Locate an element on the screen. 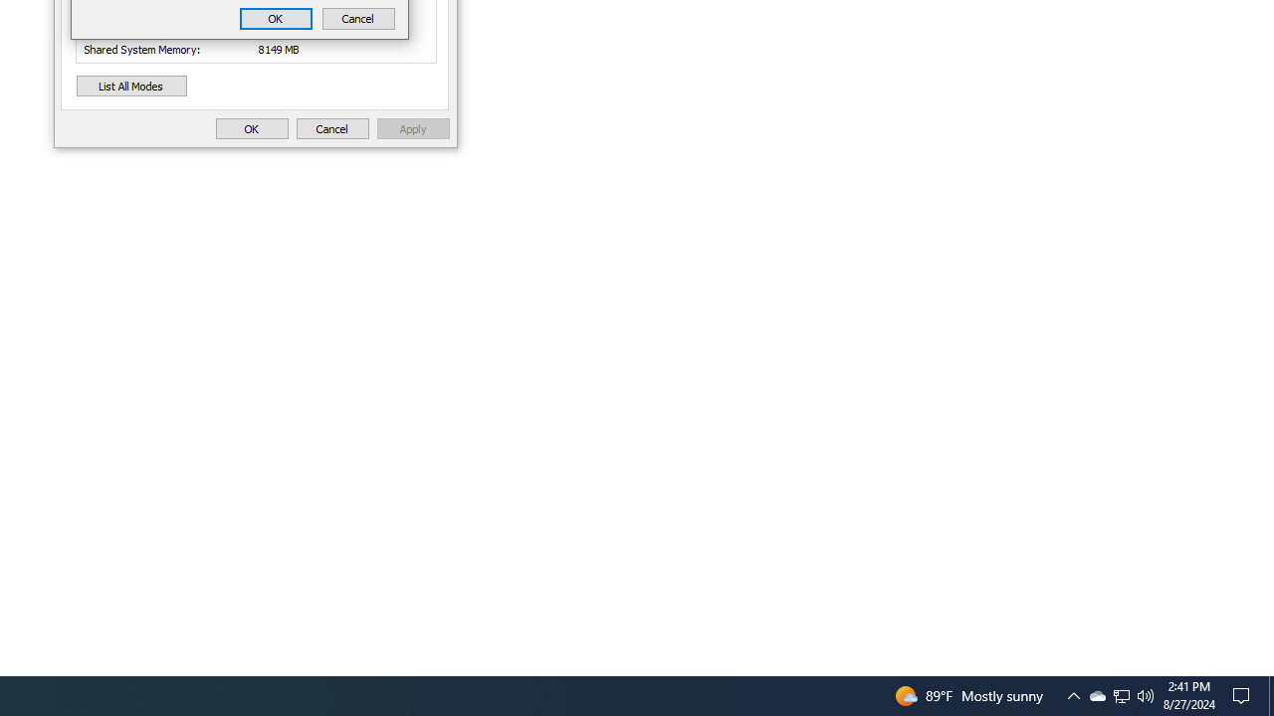 The image size is (1274, 716). 'Notification Chevron' is located at coordinates (1122, 694).